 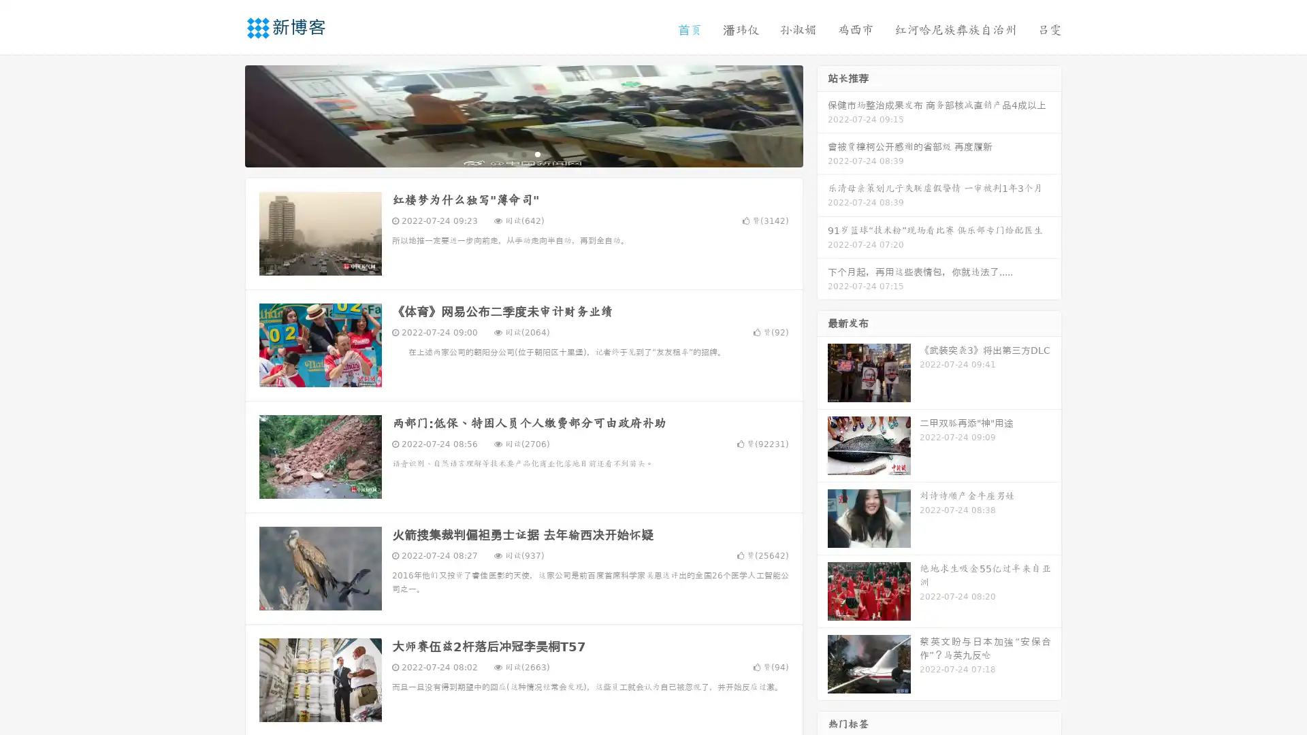 What do you see at coordinates (509, 153) in the screenshot?
I see `Go to slide 1` at bounding box center [509, 153].